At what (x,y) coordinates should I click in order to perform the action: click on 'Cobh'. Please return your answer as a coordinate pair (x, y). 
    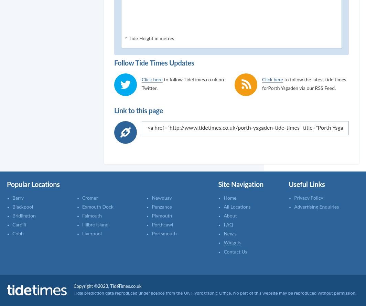
    Looking at the image, I should click on (18, 234).